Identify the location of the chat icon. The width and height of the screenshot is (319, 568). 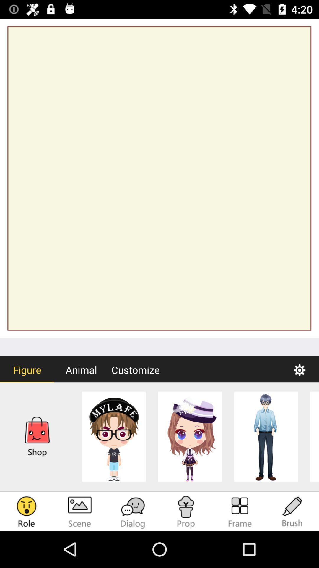
(133, 512).